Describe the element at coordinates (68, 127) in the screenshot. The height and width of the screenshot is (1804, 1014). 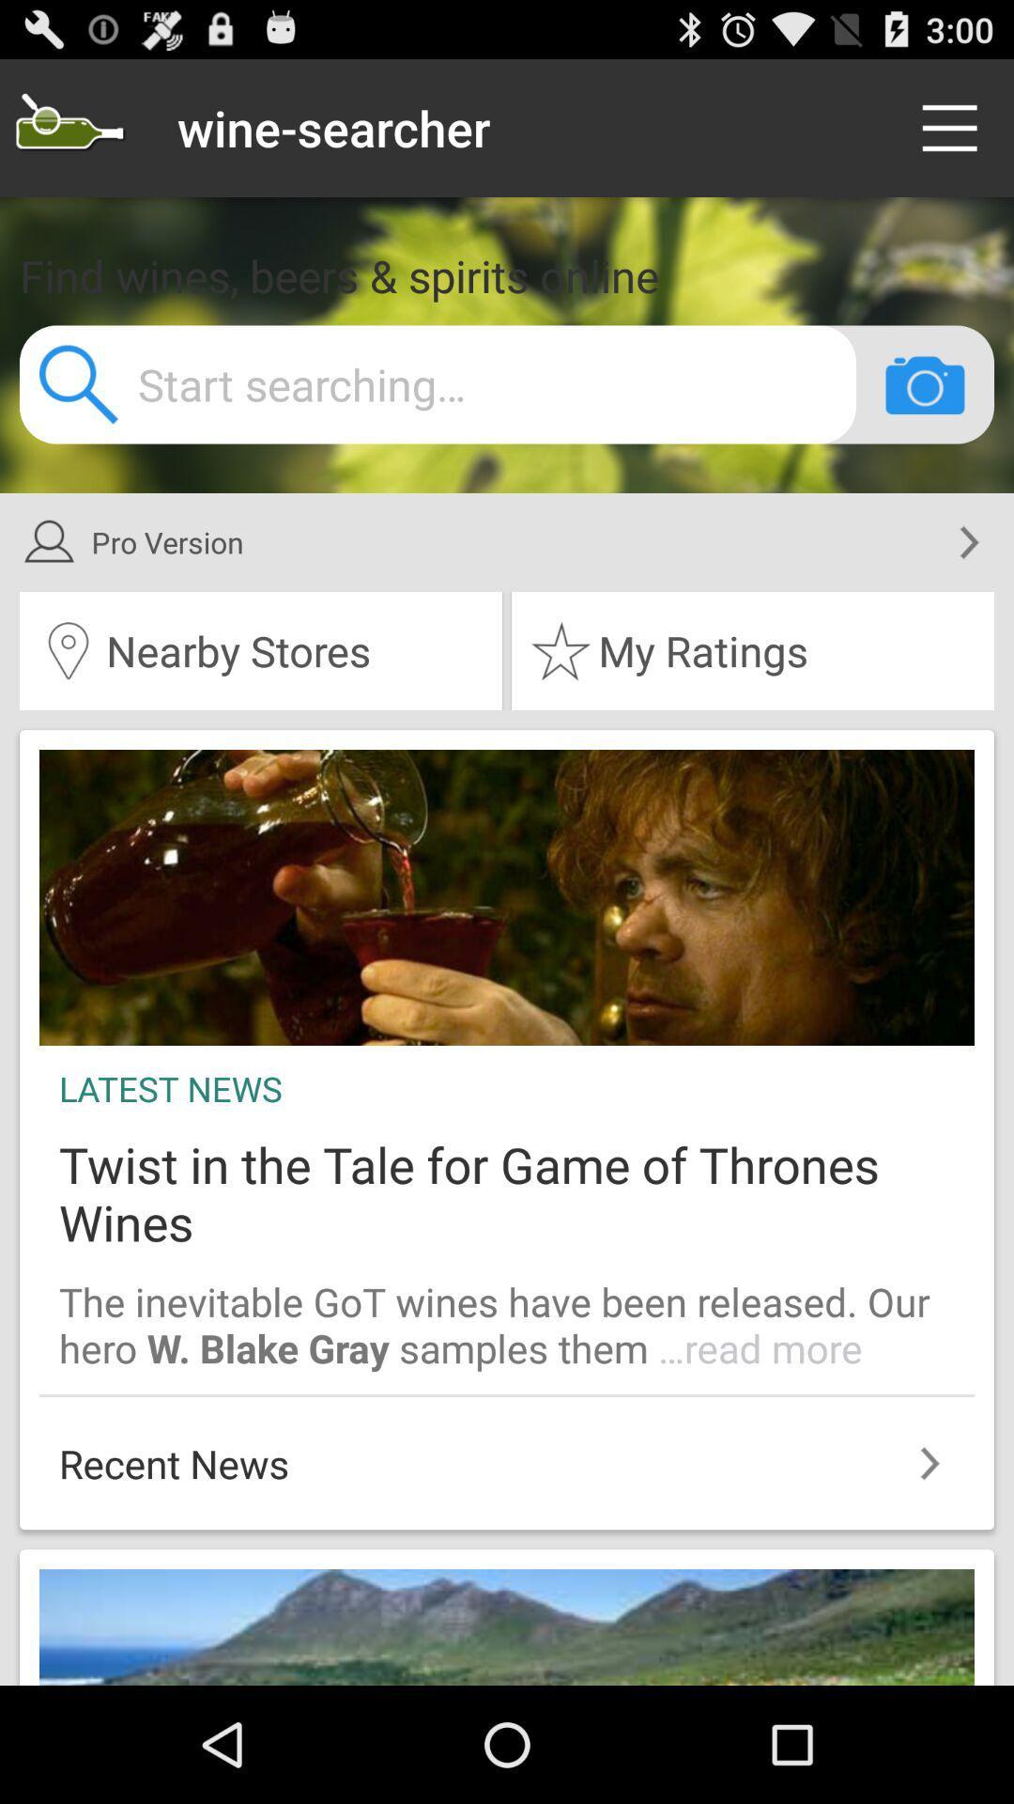
I see `search button` at that location.